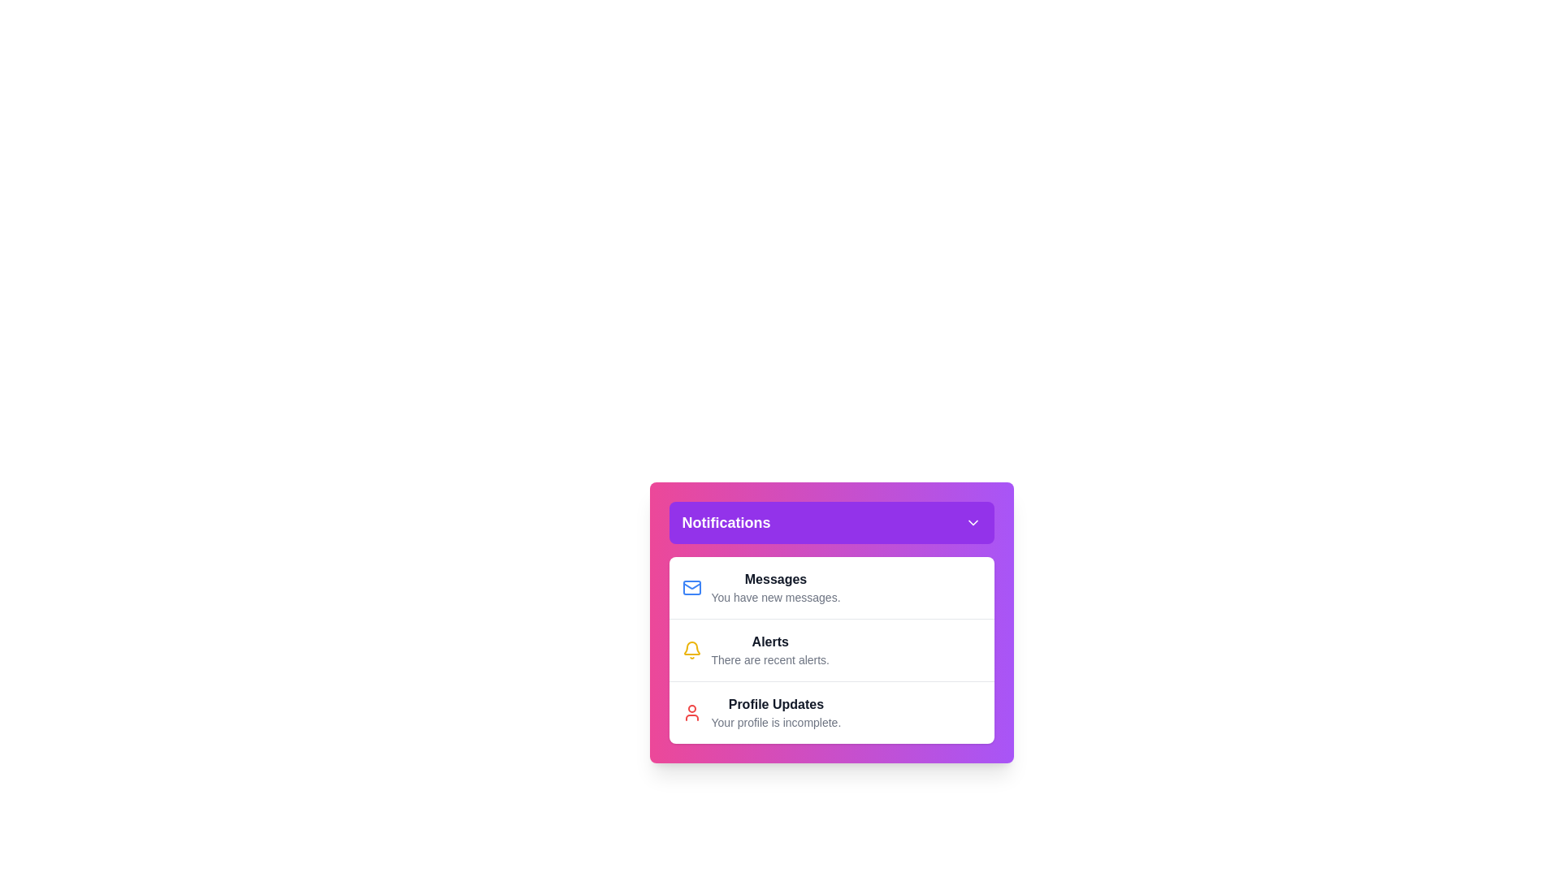 This screenshot has height=877, width=1560. Describe the element at coordinates (691, 588) in the screenshot. I see `the graphical mail envelope icon representing the 'Messages' notifications in the notification panel` at that location.